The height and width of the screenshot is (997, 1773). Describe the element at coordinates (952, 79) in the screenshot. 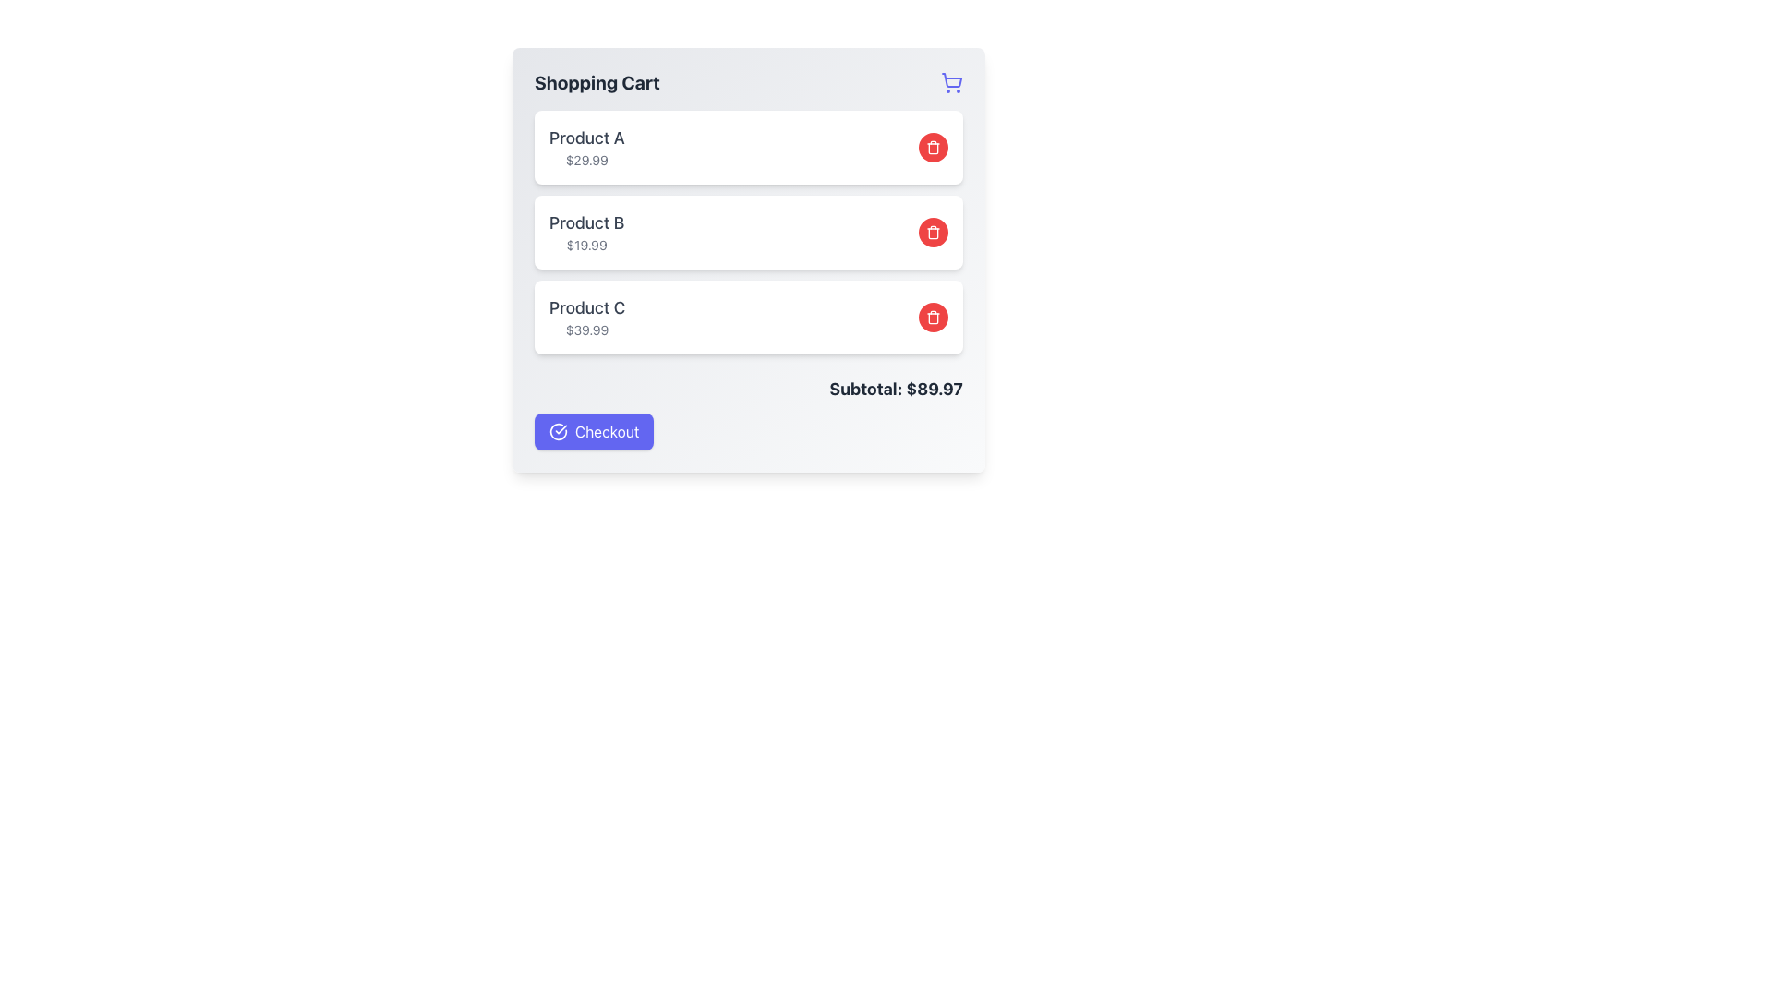

I see `the body of the shopping cart icon located in the top-right corner of the shopping cart interface, which is part of an SVG component` at that location.